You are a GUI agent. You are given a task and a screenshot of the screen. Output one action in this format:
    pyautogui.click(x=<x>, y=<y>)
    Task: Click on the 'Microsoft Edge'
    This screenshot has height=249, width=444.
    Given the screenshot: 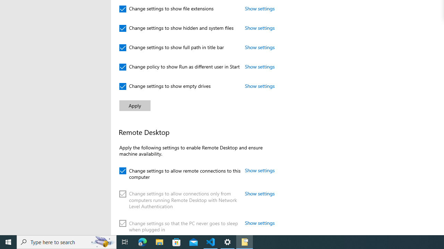 What is the action you would take?
    pyautogui.click(x=142, y=241)
    